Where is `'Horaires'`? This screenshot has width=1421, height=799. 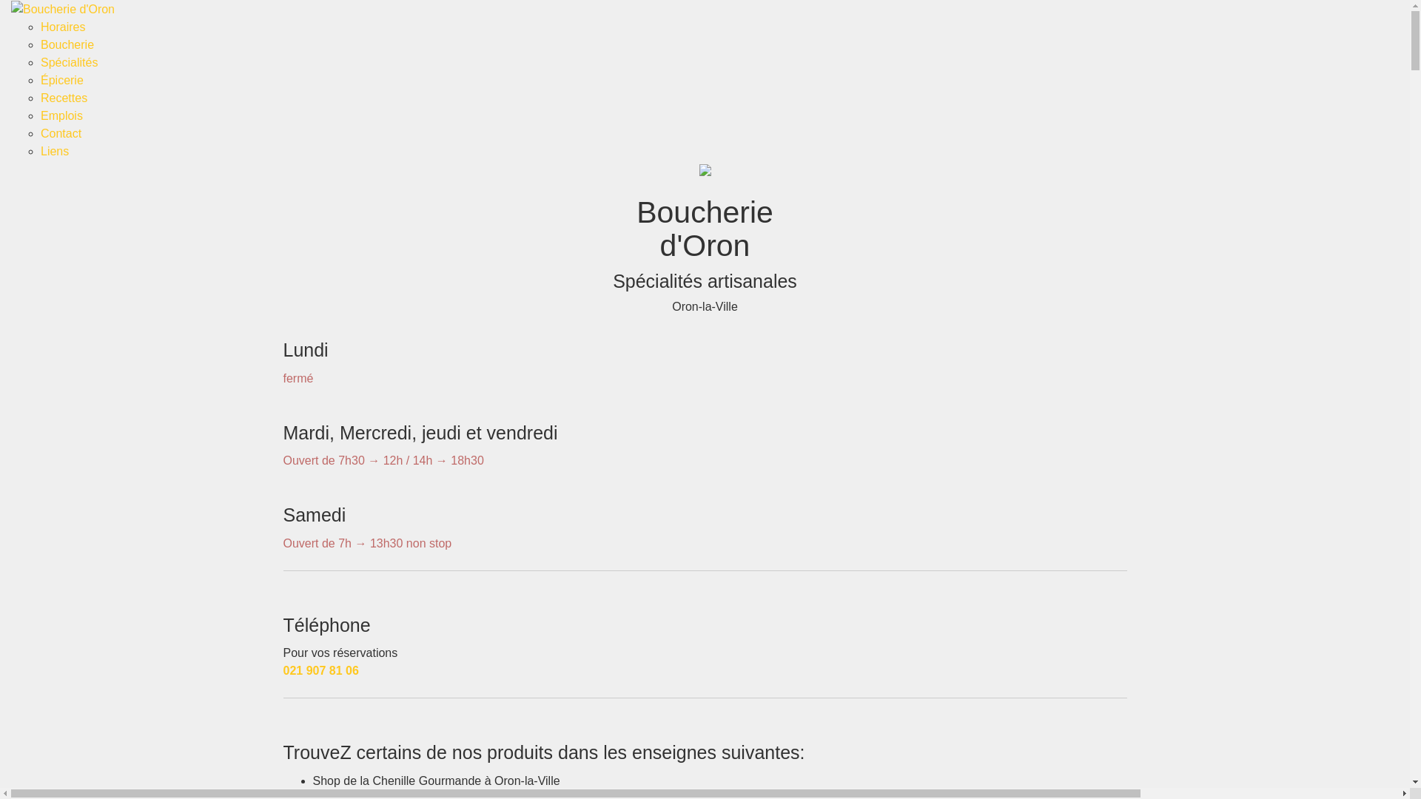
'Horaires' is located at coordinates (62, 27).